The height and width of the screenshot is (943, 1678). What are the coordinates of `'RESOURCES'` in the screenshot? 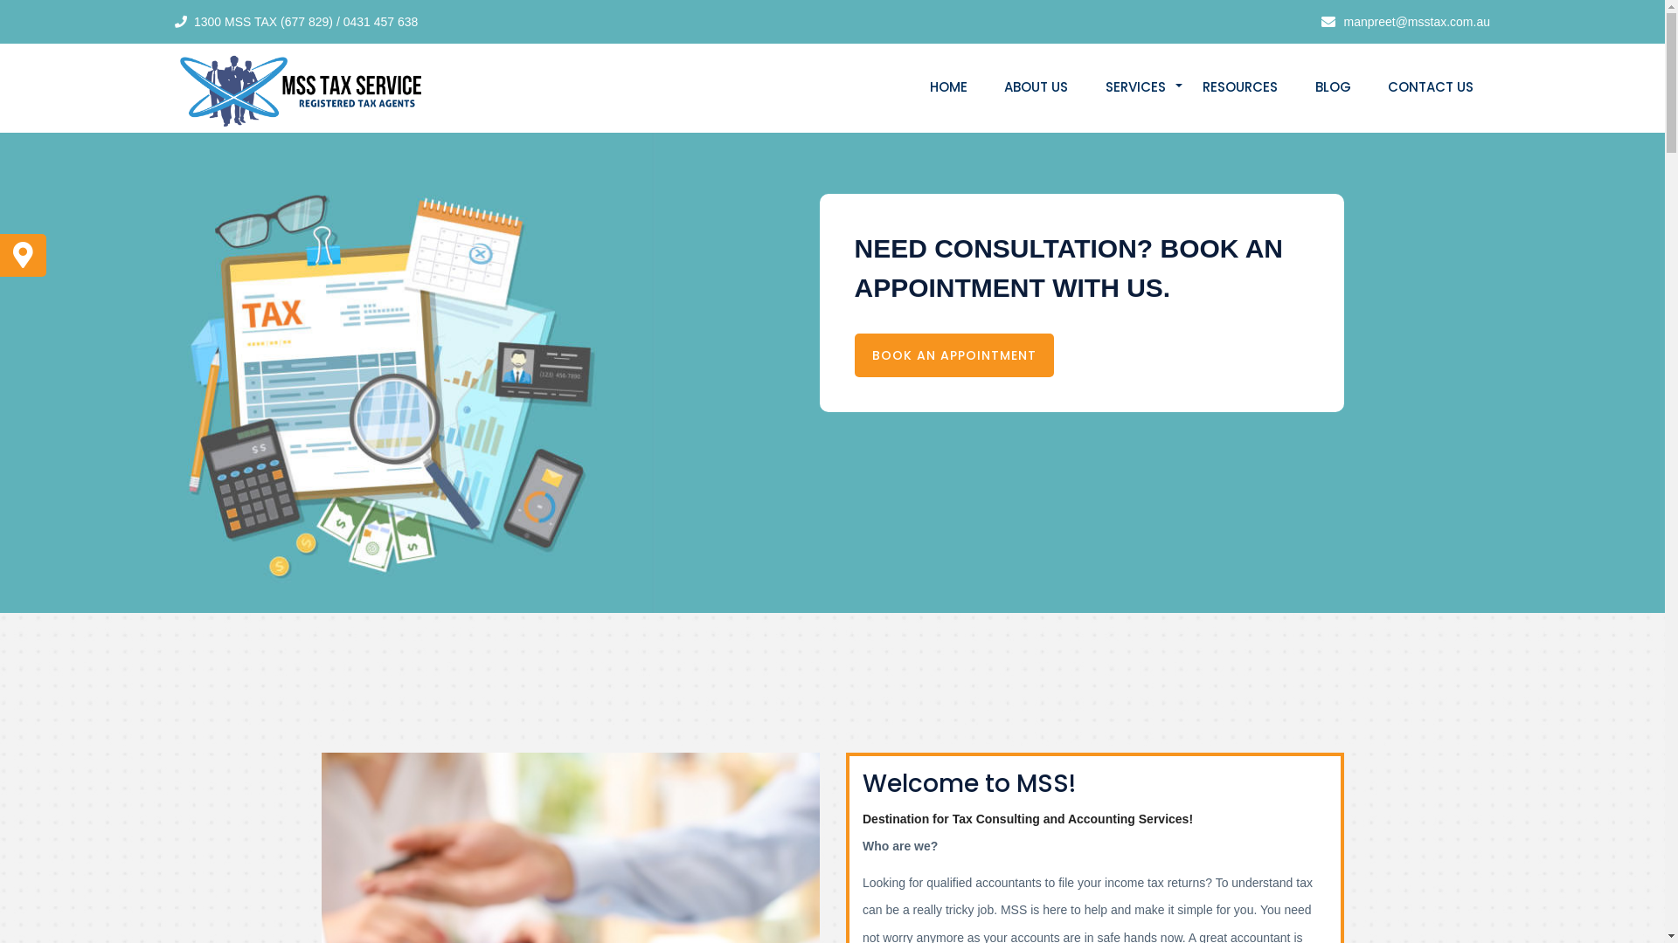 It's located at (1186, 87).